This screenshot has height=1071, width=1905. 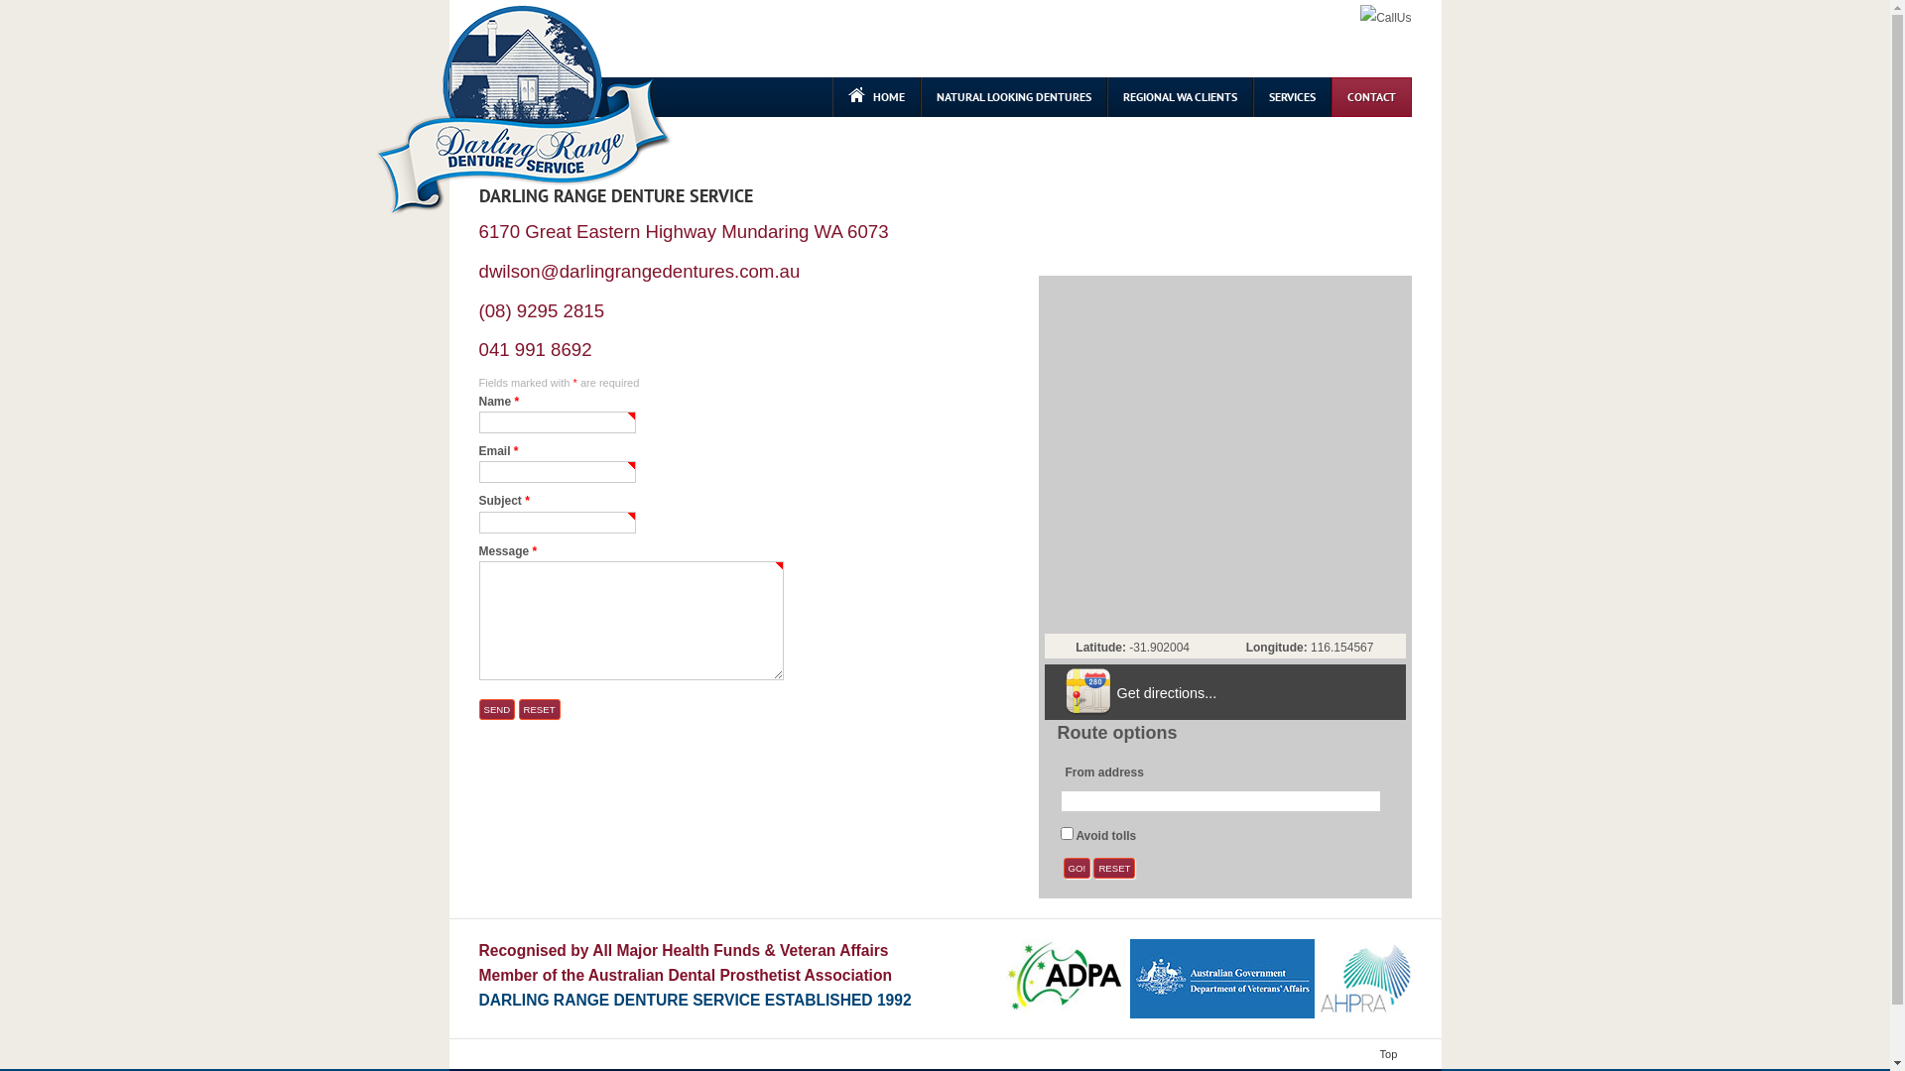 I want to click on 'NATURAL LOOKING DENTURES', so click(x=919, y=96).